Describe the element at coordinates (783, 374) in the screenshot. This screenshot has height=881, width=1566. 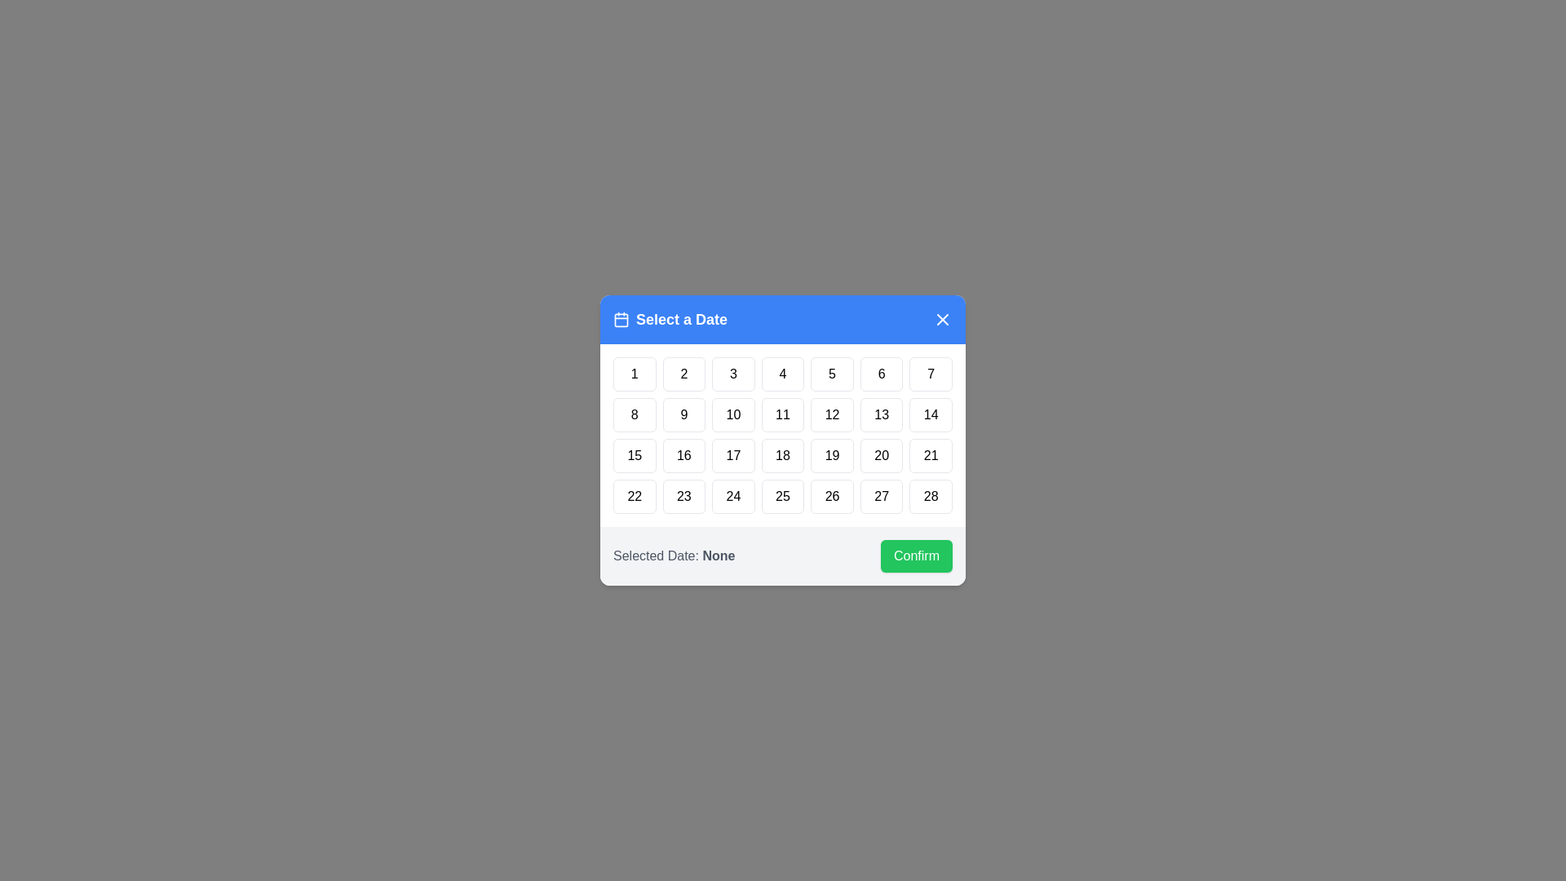
I see `the day button labeled 4 to highlight it` at that location.